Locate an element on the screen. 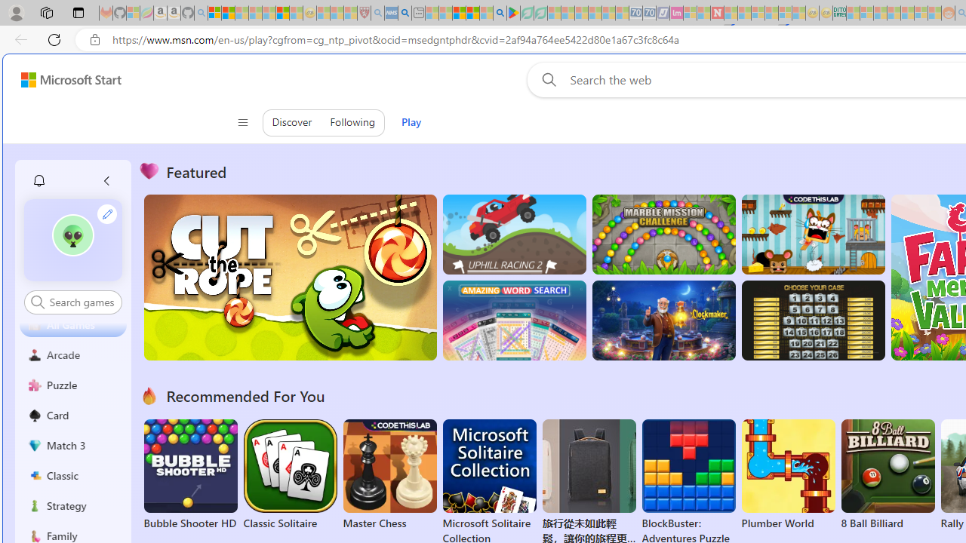  'Pets - MSN' is located at coordinates (472, 13).